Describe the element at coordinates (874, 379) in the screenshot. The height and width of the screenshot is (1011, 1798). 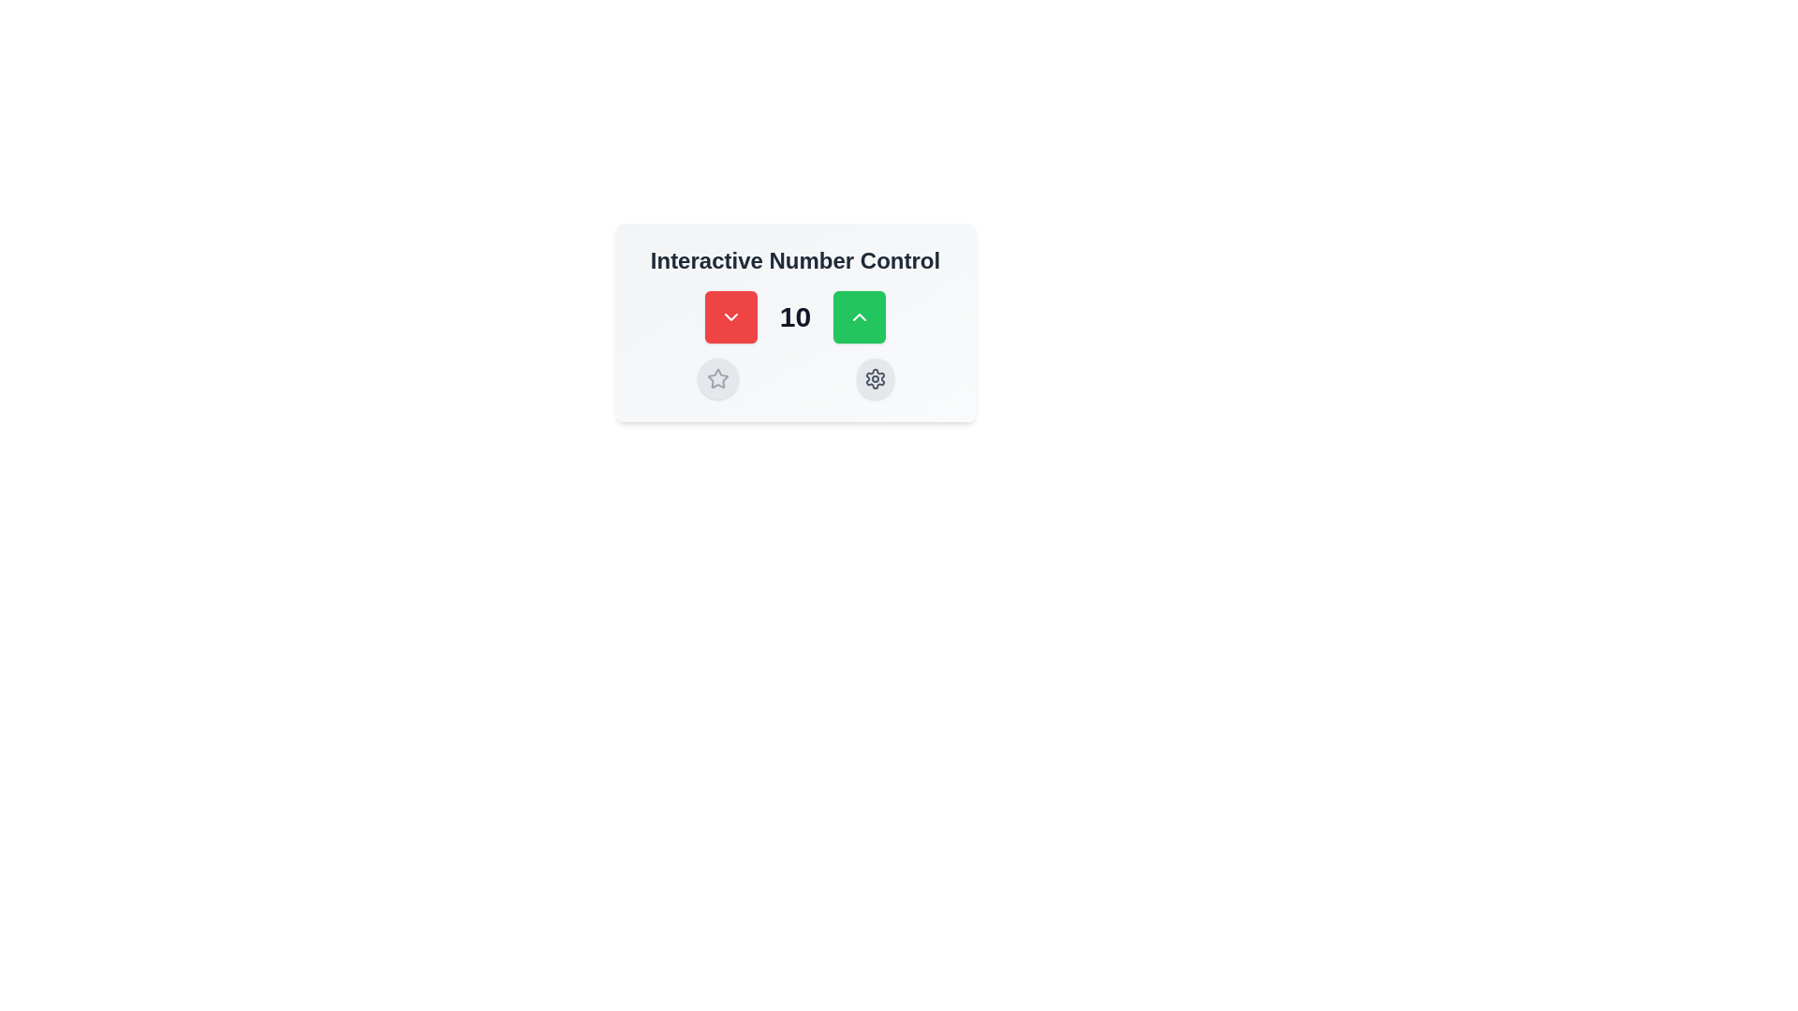
I see `the circular button with a light gray background and a centered dark gray gear icon` at that location.